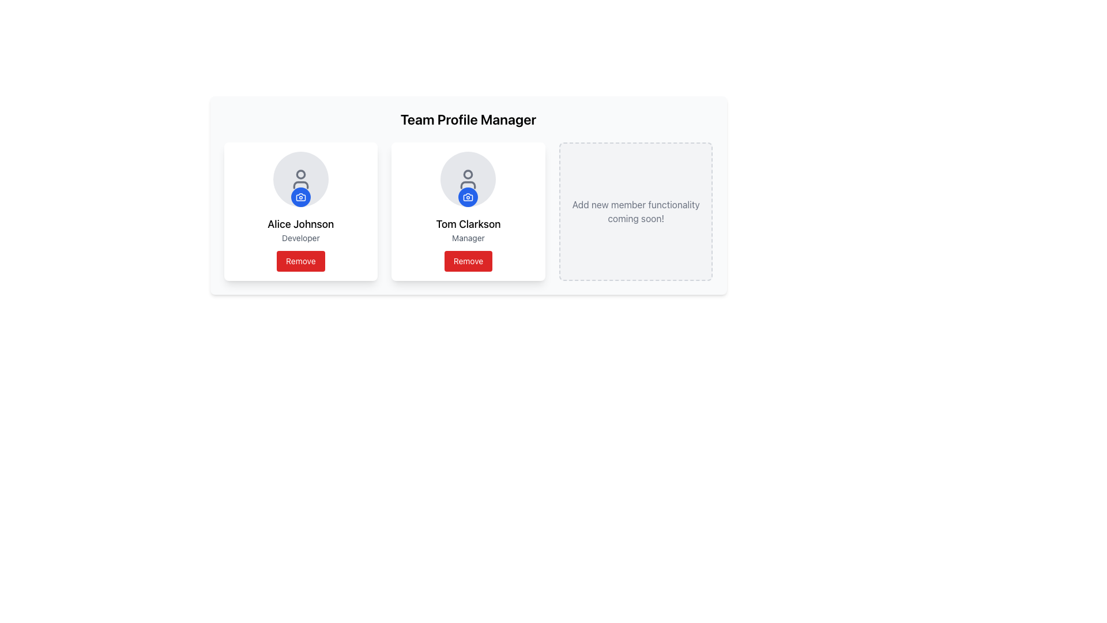 Image resolution: width=1107 pixels, height=623 pixels. What do you see at coordinates (468, 237) in the screenshot?
I see `the text label indicating the role of 'Tom Clarkson' located within the card, positioned directly below his name and above the 'Remove' button` at bounding box center [468, 237].